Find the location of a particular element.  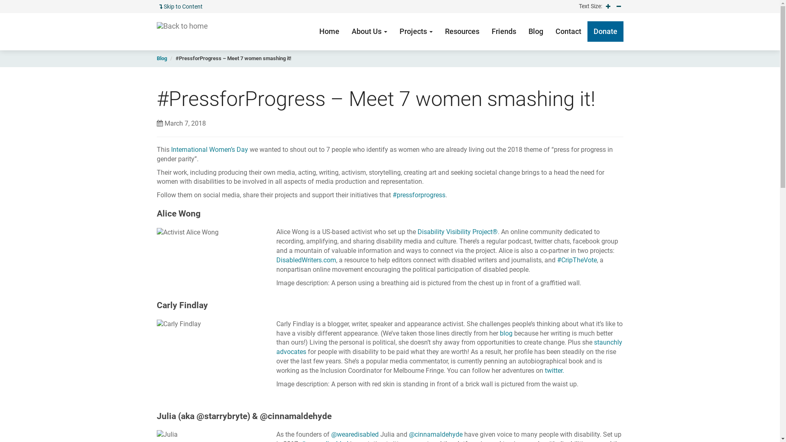

'@cinnamaldehyde' is located at coordinates (435, 434).